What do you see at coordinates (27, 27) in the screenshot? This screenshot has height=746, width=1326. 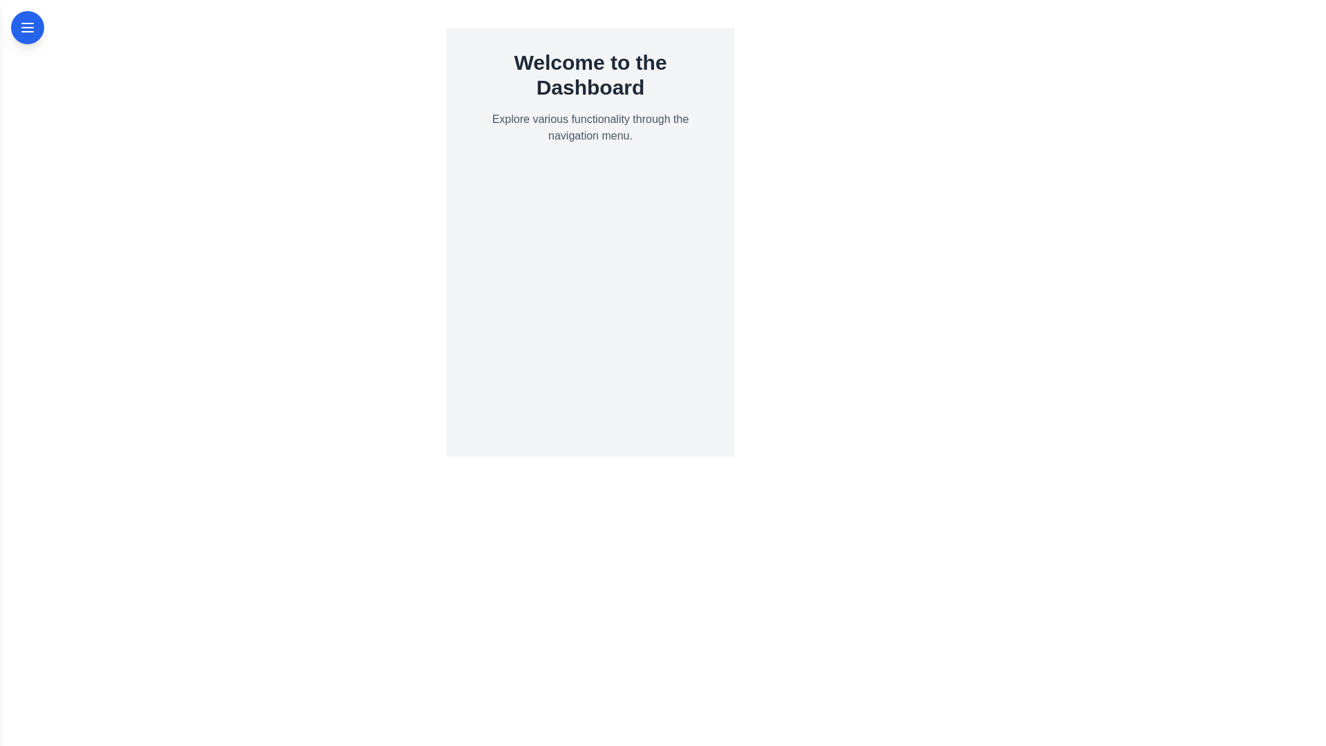 I see `the menu button to toggle the drawer open/close` at bounding box center [27, 27].